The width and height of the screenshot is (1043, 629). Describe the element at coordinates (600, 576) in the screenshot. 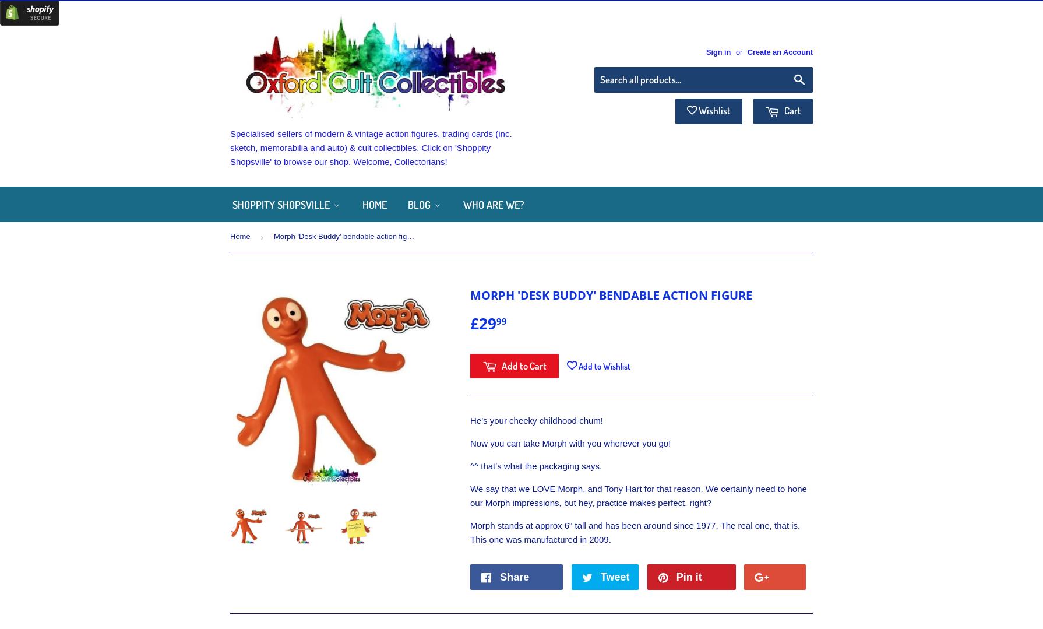

I see `'Tweet'` at that location.